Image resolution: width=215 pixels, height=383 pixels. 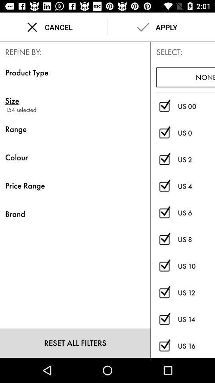 What do you see at coordinates (164, 320) in the screenshot?
I see `unselect us 14` at bounding box center [164, 320].